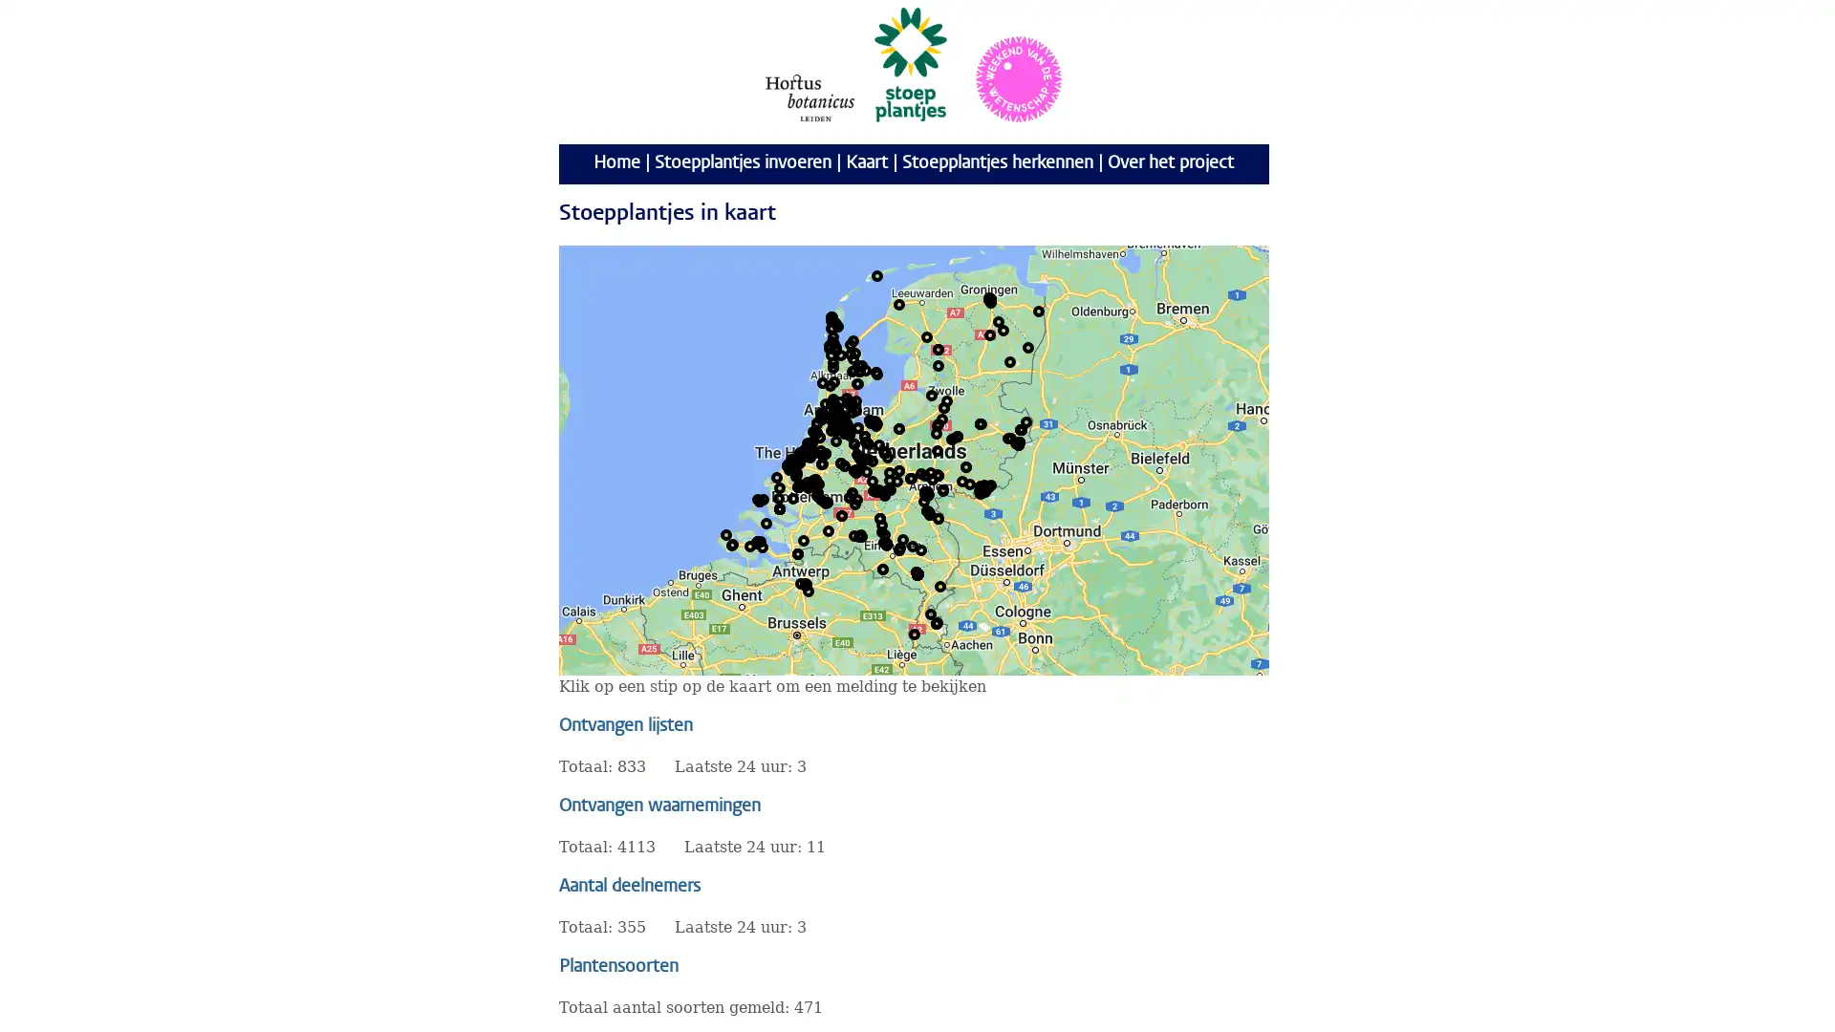  What do you see at coordinates (780, 507) in the screenshot?
I see `Telling van Isabel op 03 juni 2022` at bounding box center [780, 507].